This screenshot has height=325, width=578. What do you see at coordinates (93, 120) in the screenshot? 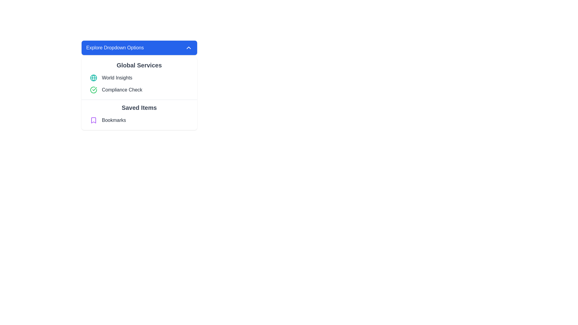
I see `the bookmark icon with purple outlines located to the left of the text 'Bookmarks' in the 'Saved Items' dropdown menu` at bounding box center [93, 120].